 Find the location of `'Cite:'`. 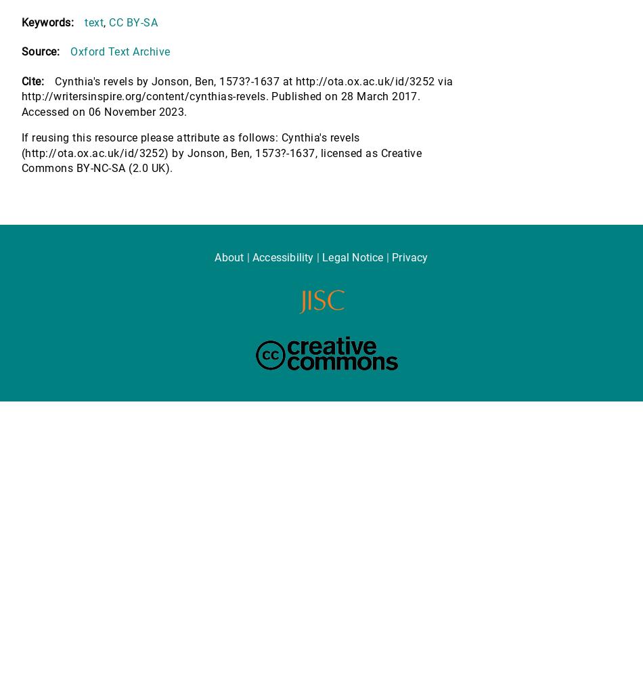

'Cite:' is located at coordinates (32, 81).